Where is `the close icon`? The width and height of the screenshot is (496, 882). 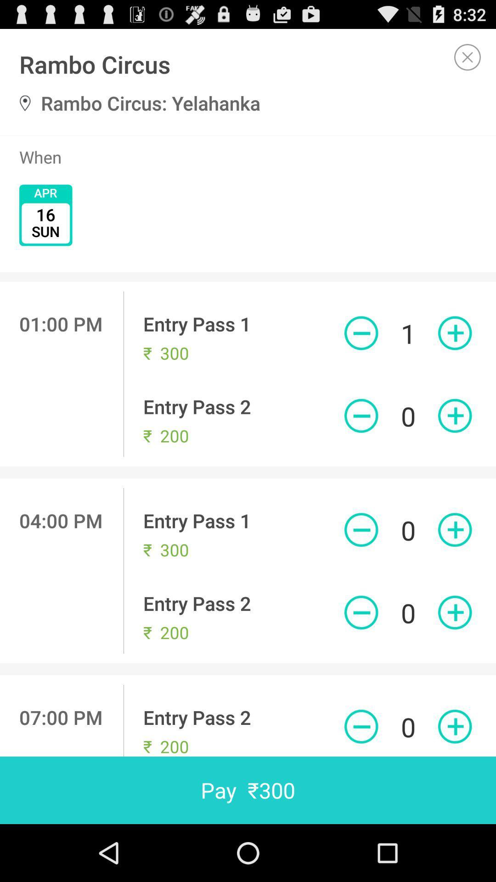 the close icon is located at coordinates (468, 61).